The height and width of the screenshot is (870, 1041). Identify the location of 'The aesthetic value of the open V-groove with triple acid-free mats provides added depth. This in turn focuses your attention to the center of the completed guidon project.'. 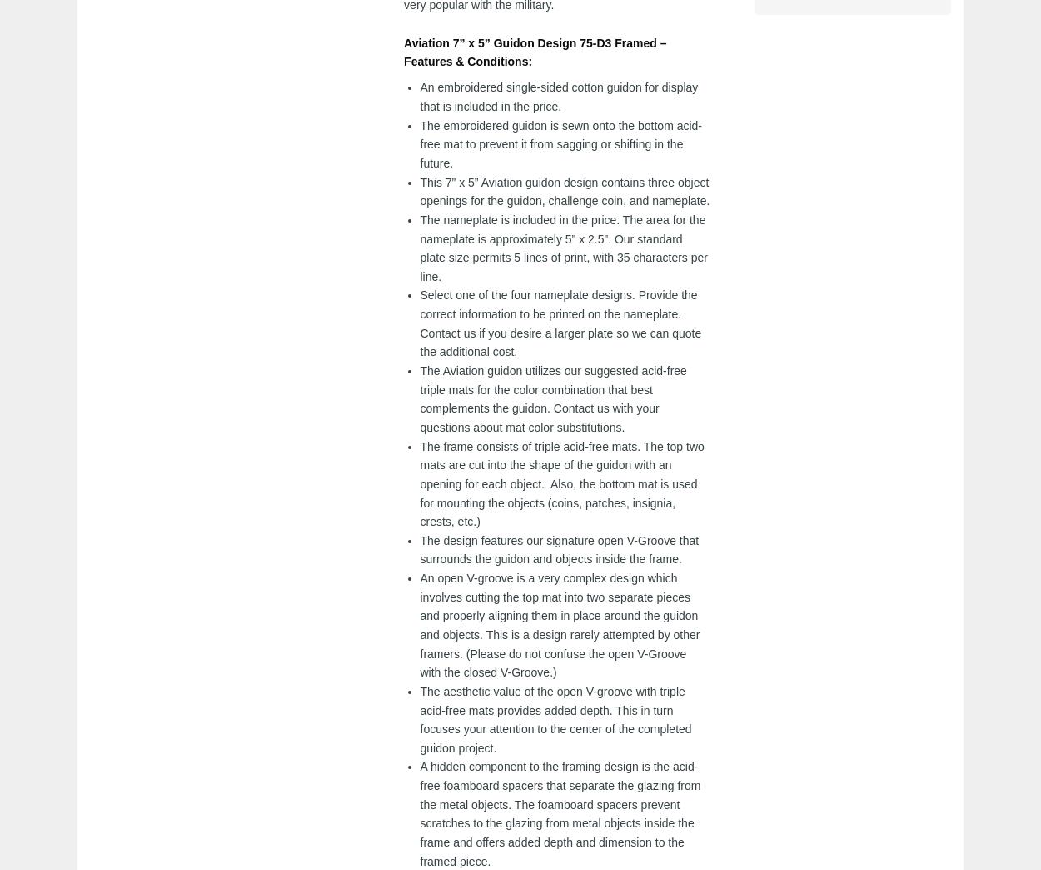
(555, 718).